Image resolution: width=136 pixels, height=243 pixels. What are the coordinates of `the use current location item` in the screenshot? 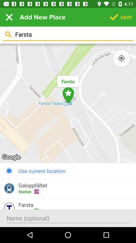 It's located at (68, 171).